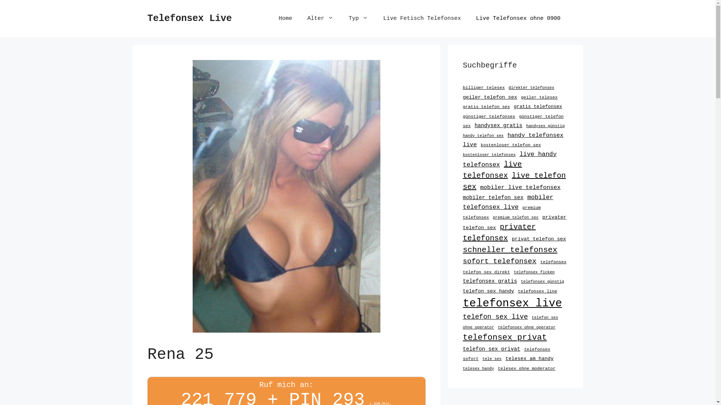  Describe the element at coordinates (537, 107) in the screenshot. I see `'gratis telefonsex'` at that location.